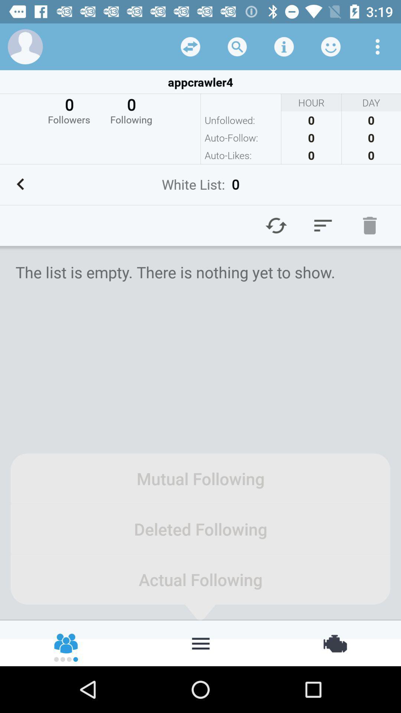  I want to click on more options, so click(378, 46).